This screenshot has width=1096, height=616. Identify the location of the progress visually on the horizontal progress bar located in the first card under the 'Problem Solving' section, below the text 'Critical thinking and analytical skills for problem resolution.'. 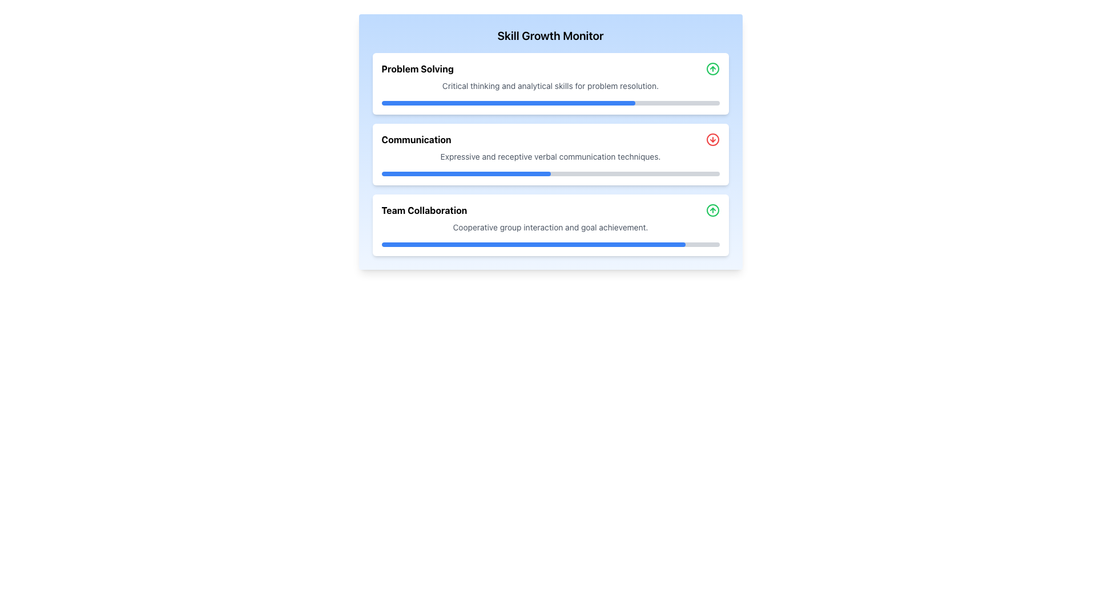
(550, 103).